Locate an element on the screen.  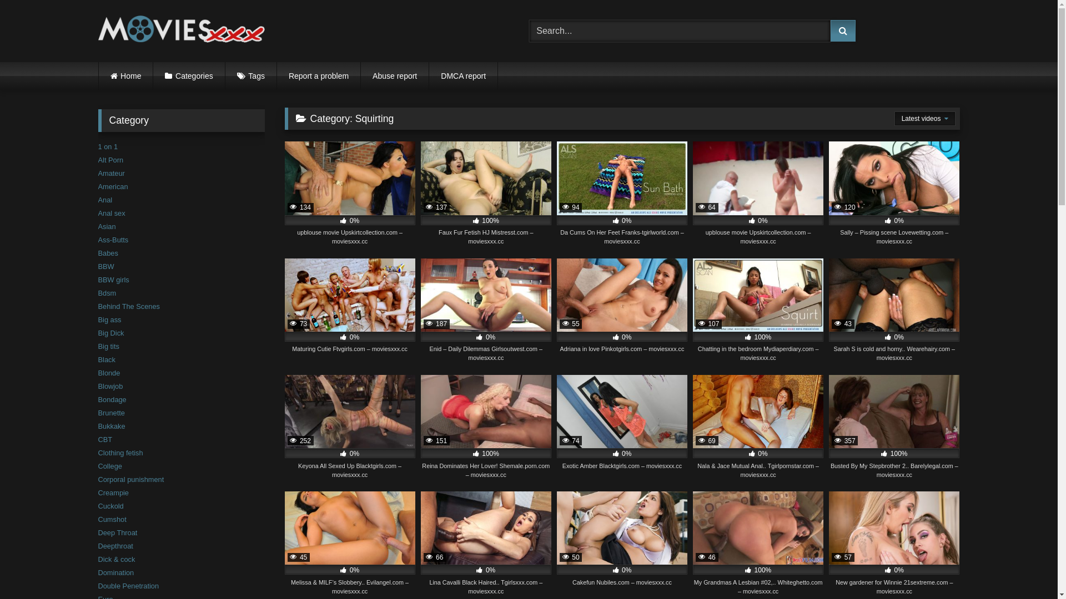
'Clothing fetish' is located at coordinates (98, 453).